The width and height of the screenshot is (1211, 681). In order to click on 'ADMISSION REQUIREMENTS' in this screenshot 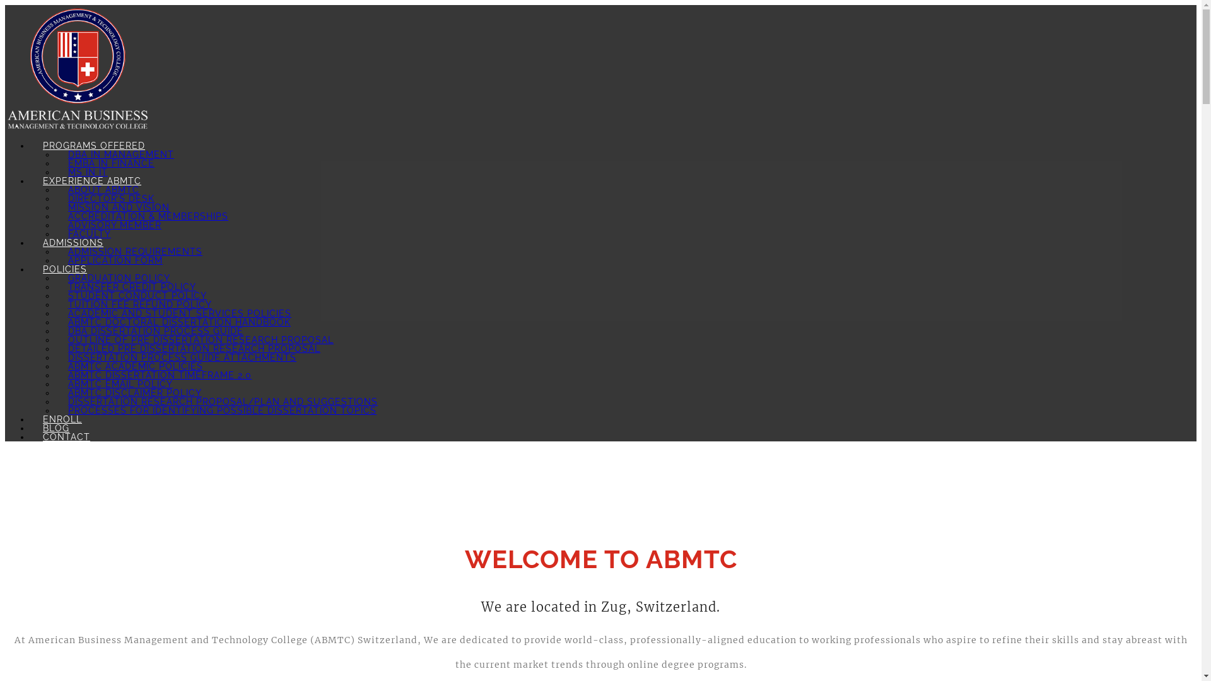, I will do `click(135, 251)`.